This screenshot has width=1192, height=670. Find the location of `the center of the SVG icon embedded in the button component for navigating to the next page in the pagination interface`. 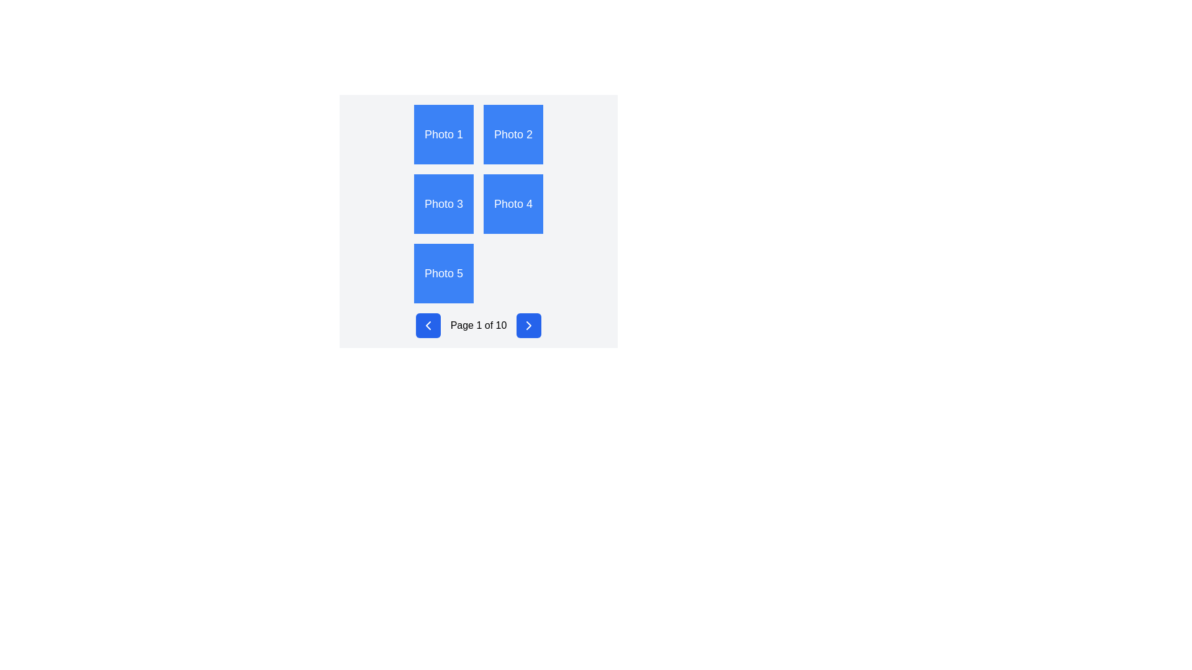

the center of the SVG icon embedded in the button component for navigating to the next page in the pagination interface is located at coordinates (529, 324).